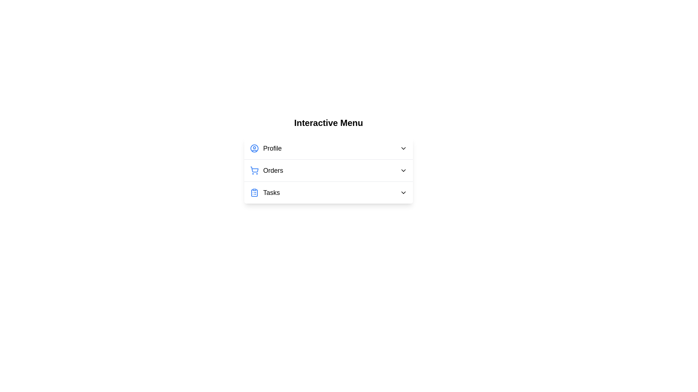 This screenshot has width=698, height=392. I want to click on the clipboard icon represented by the main body of the clipboard, which is a rectangular shape with rounded corners, located in the third row of the interactive menu, so click(254, 193).